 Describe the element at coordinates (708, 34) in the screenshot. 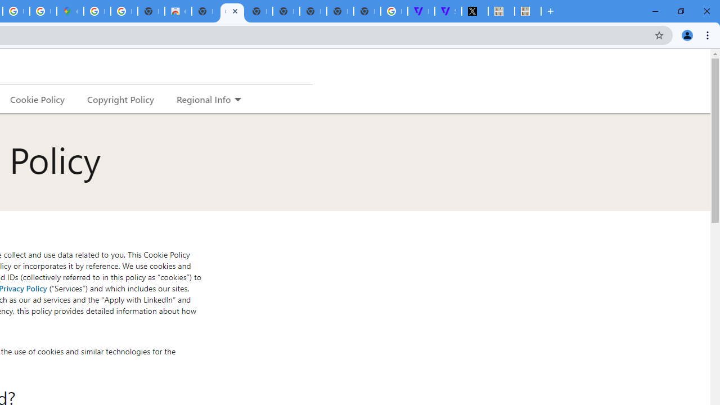

I see `'Chrome'` at that location.